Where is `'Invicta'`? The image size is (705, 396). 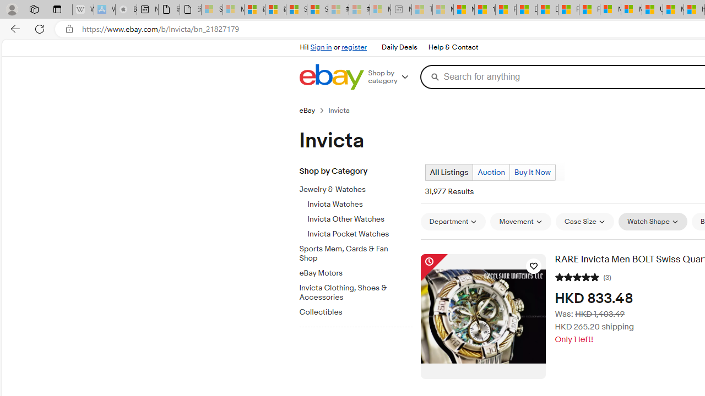 'Invicta' is located at coordinates (343, 110).